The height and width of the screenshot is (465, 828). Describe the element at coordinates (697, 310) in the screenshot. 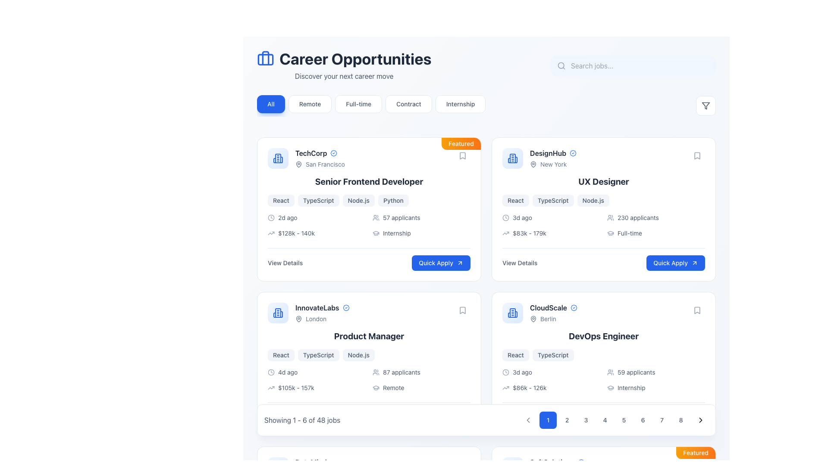

I see `the bookmark or save icon located in the top-right corner of the 'DevOps Engineer' card associated with 'CloudScale' to bookmark or save the job posting` at that location.